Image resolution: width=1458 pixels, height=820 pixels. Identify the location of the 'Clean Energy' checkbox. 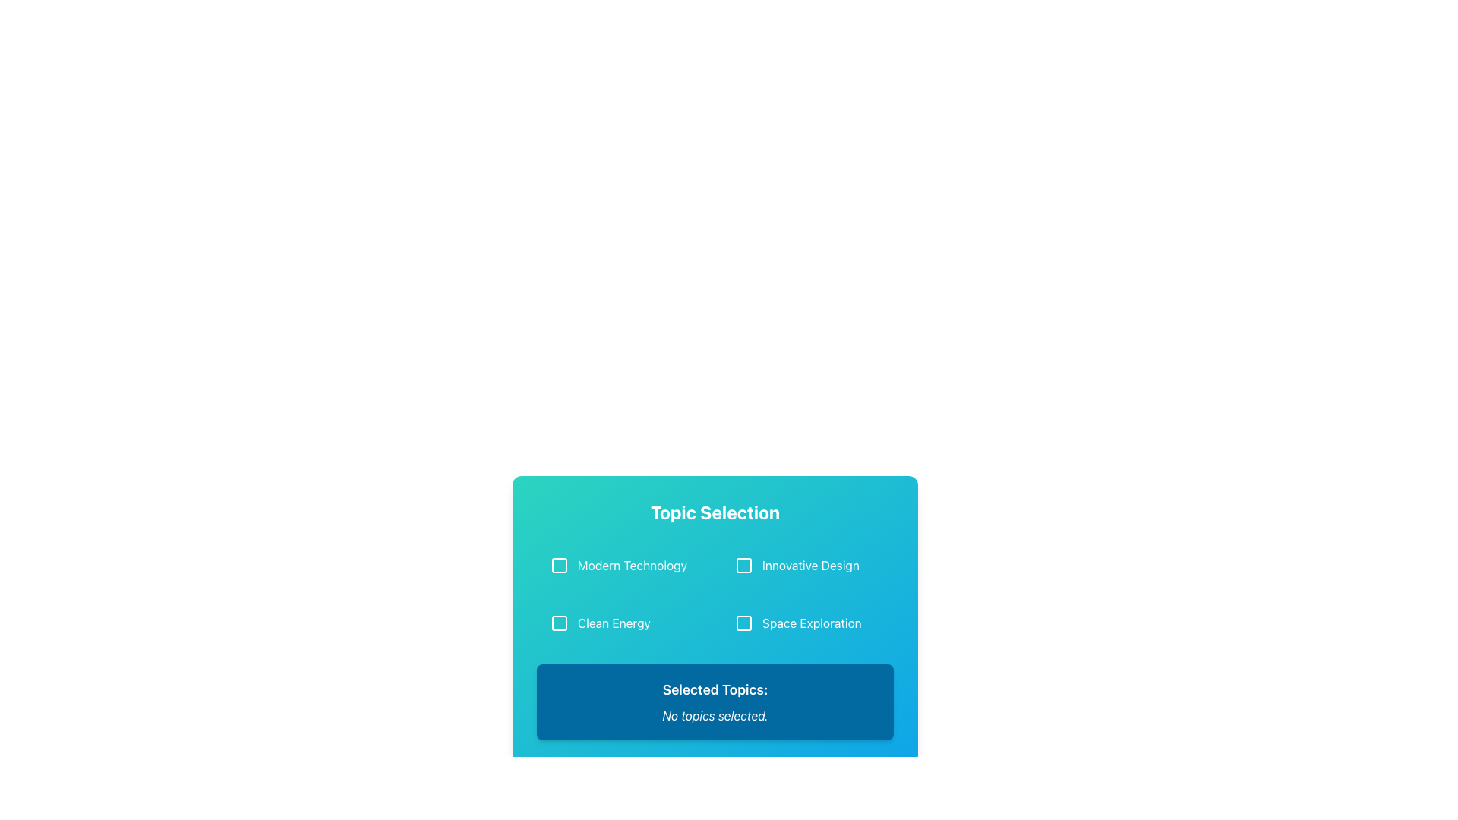
(559, 623).